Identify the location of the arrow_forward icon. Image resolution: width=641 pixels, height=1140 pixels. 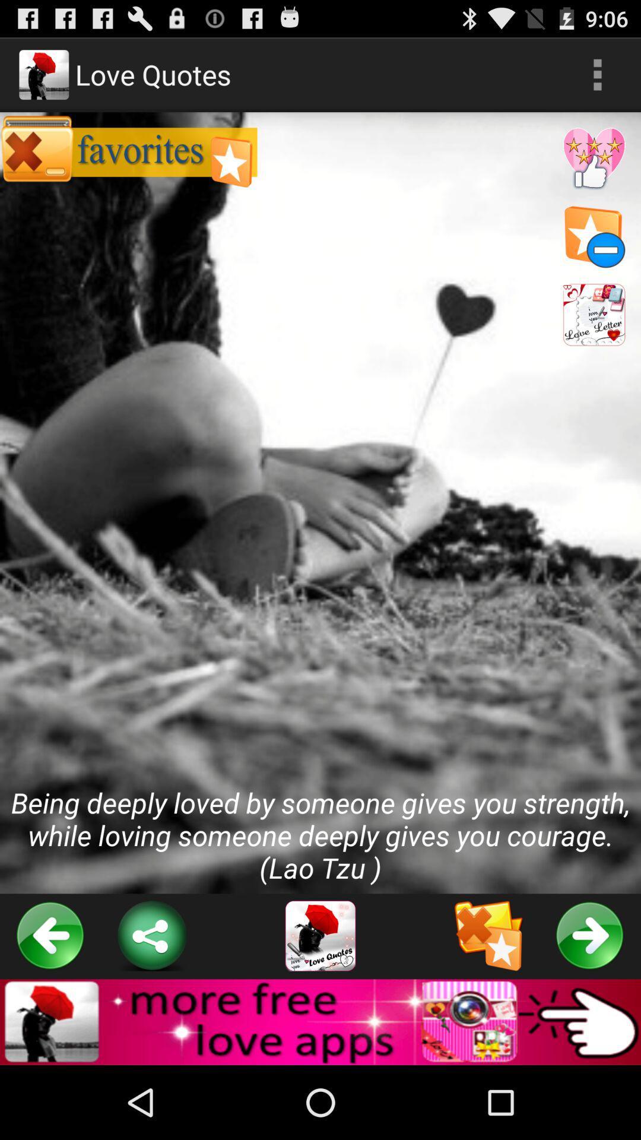
(590, 1001).